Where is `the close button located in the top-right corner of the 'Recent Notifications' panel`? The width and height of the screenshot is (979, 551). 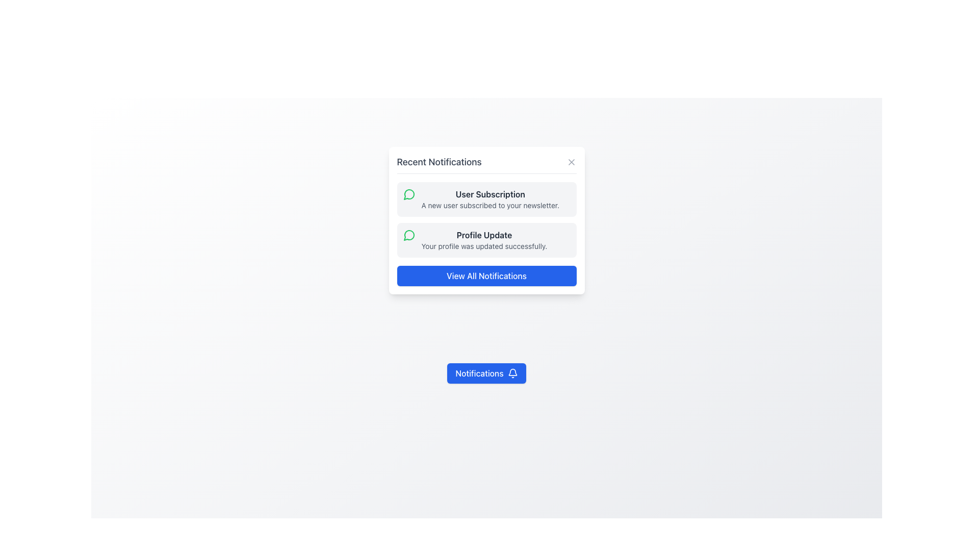 the close button located in the top-right corner of the 'Recent Notifications' panel is located at coordinates (571, 161).